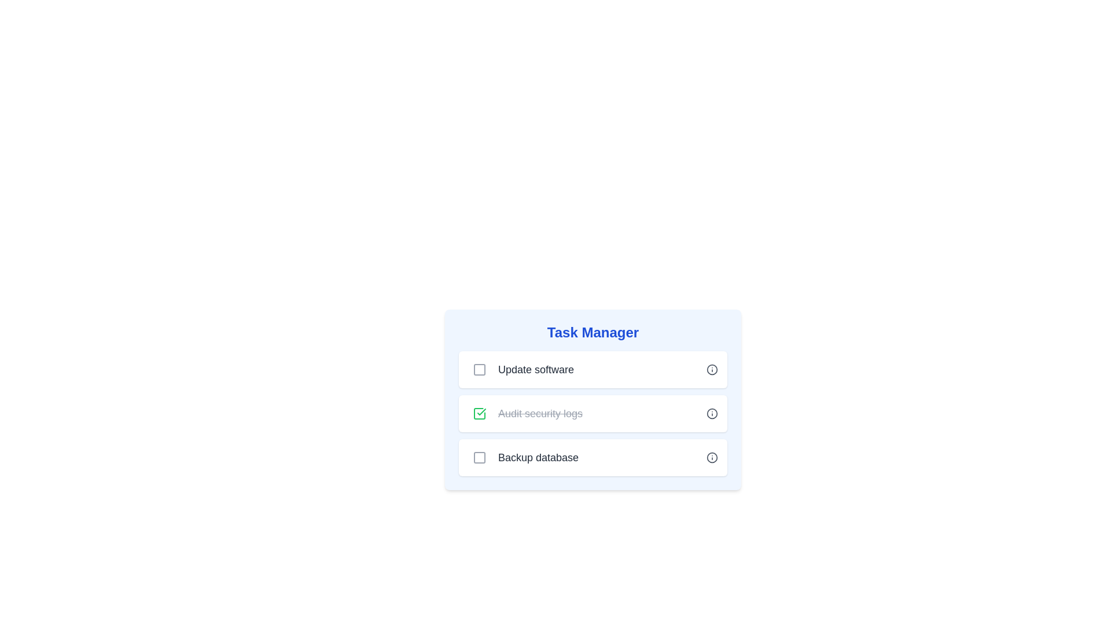 The width and height of the screenshot is (1111, 625). I want to click on the Toggle checkbox icon located at the leftmost part of the 'Update software' list item, so click(480, 370).